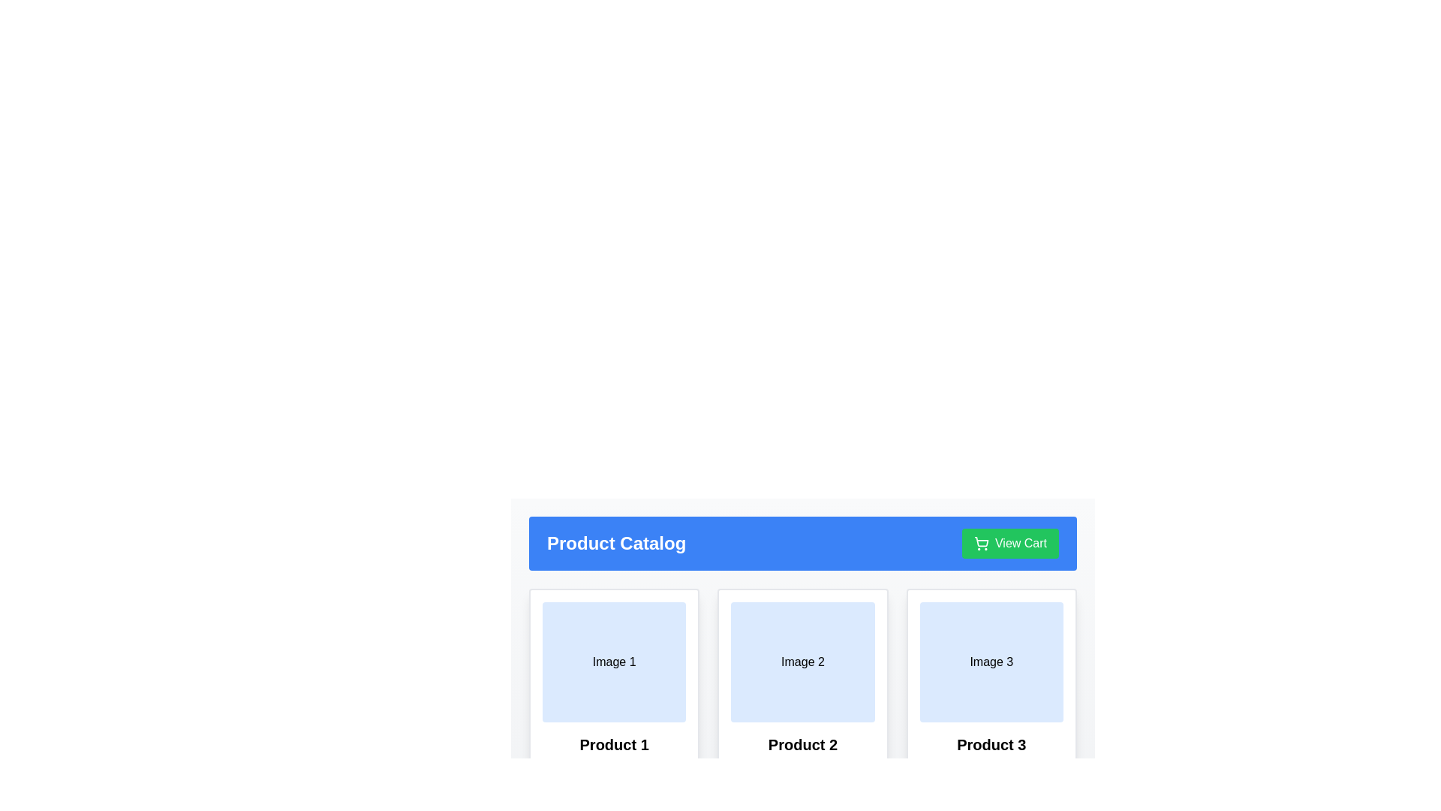 The width and height of the screenshot is (1441, 811). Describe the element at coordinates (802, 620) in the screenshot. I see `the second product card in the product catalog` at that location.